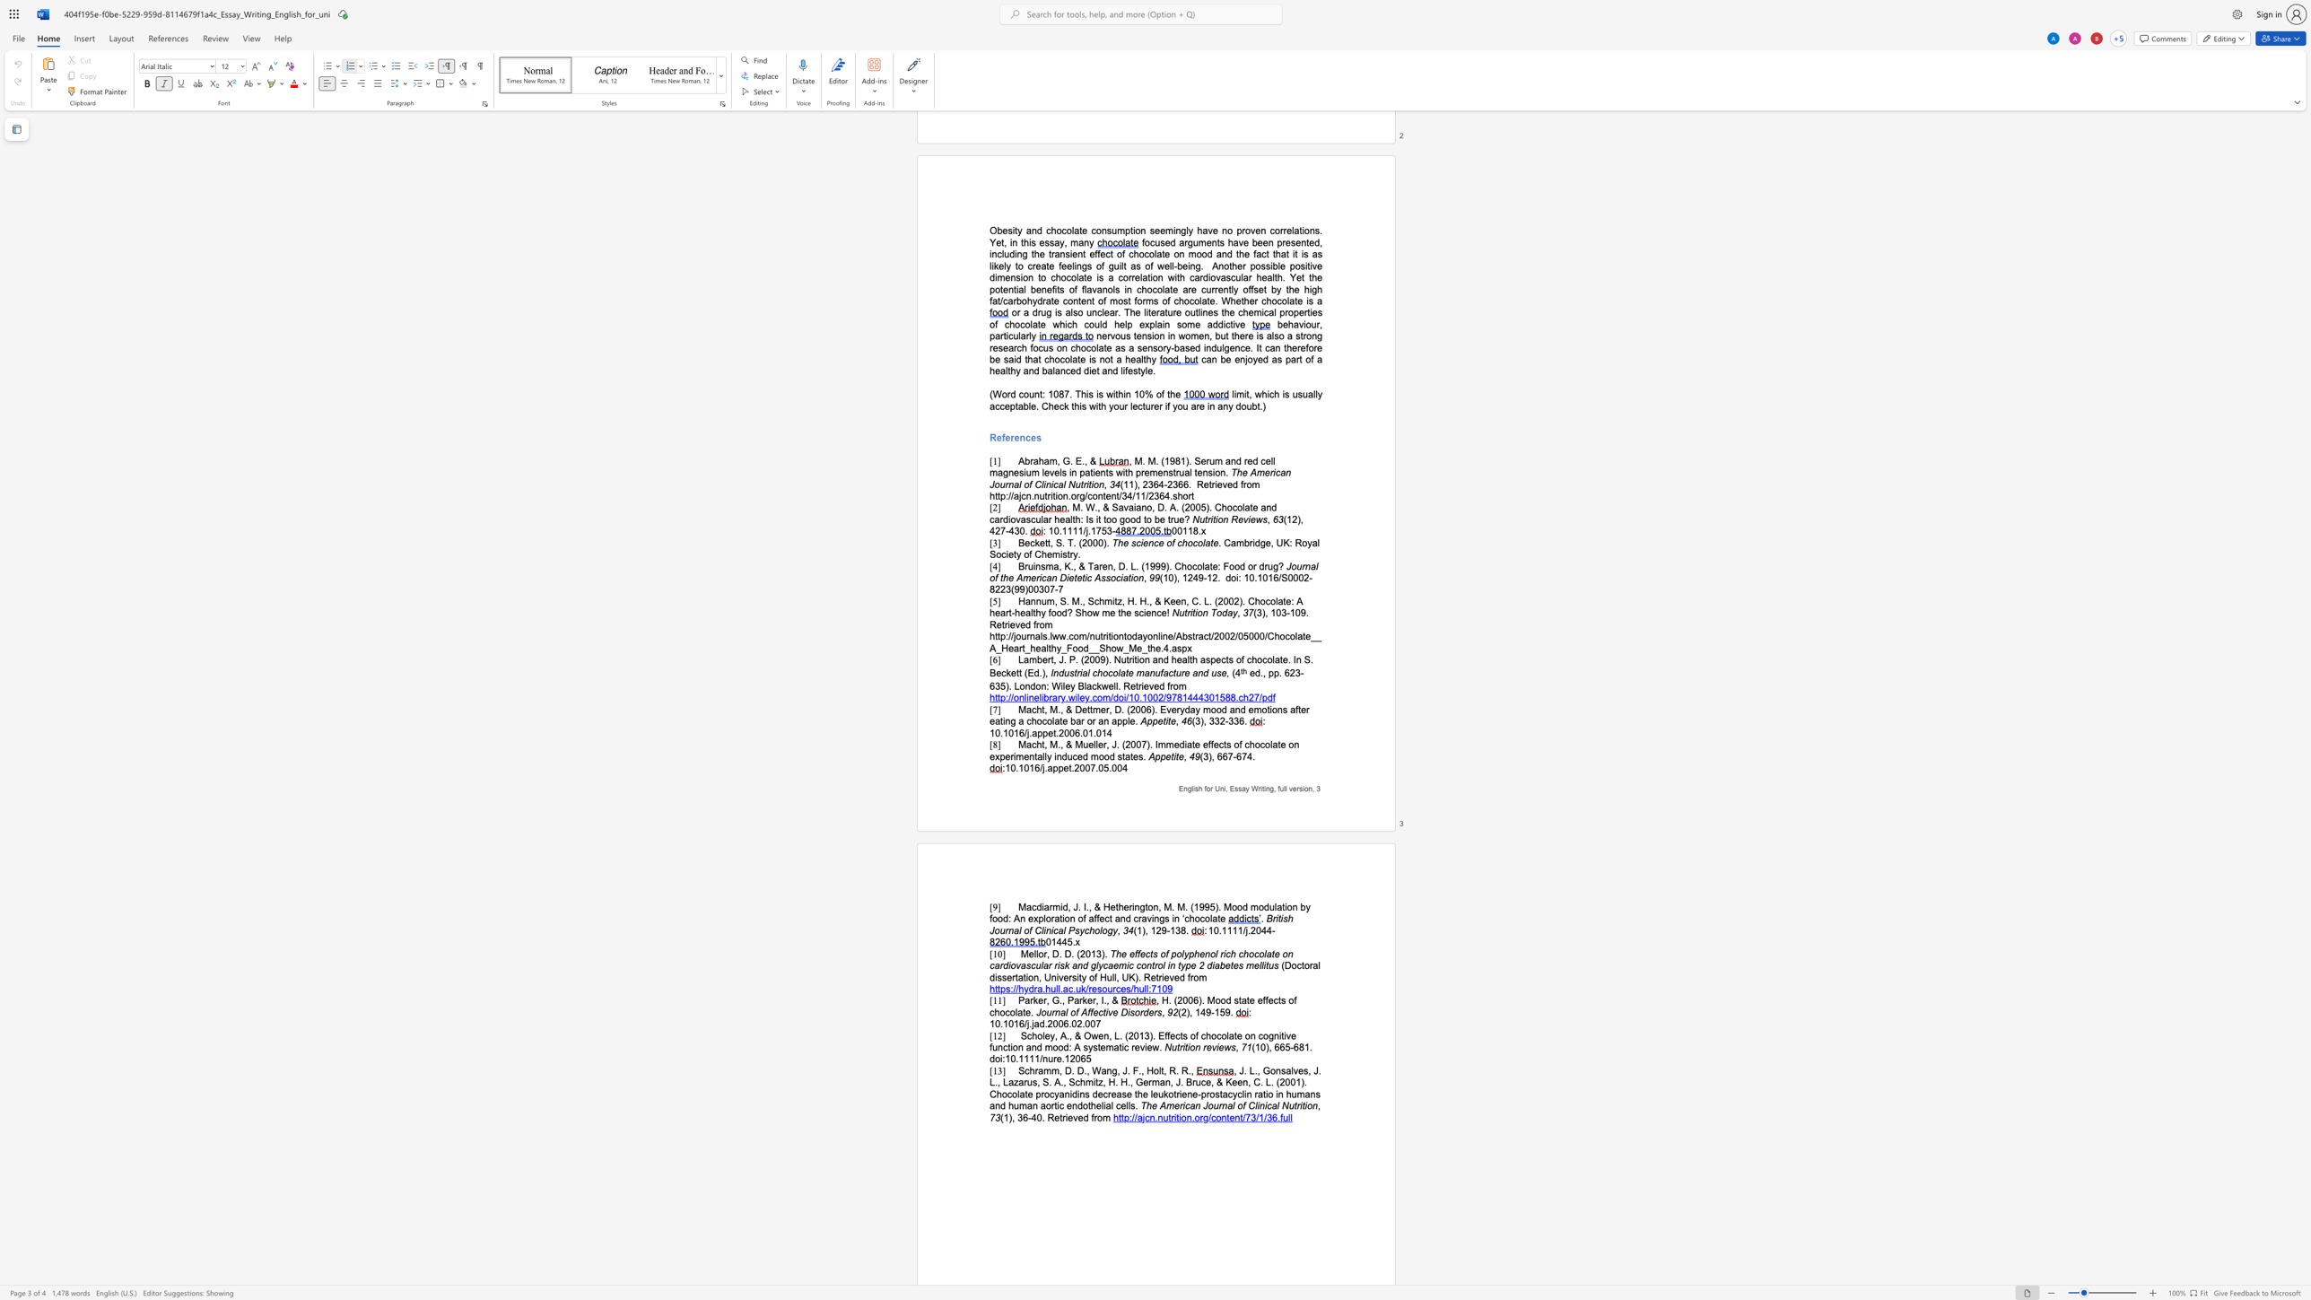 Image resolution: width=2311 pixels, height=1300 pixels. I want to click on the space between the continuous character ")" and "," in the text, so click(1204, 721).